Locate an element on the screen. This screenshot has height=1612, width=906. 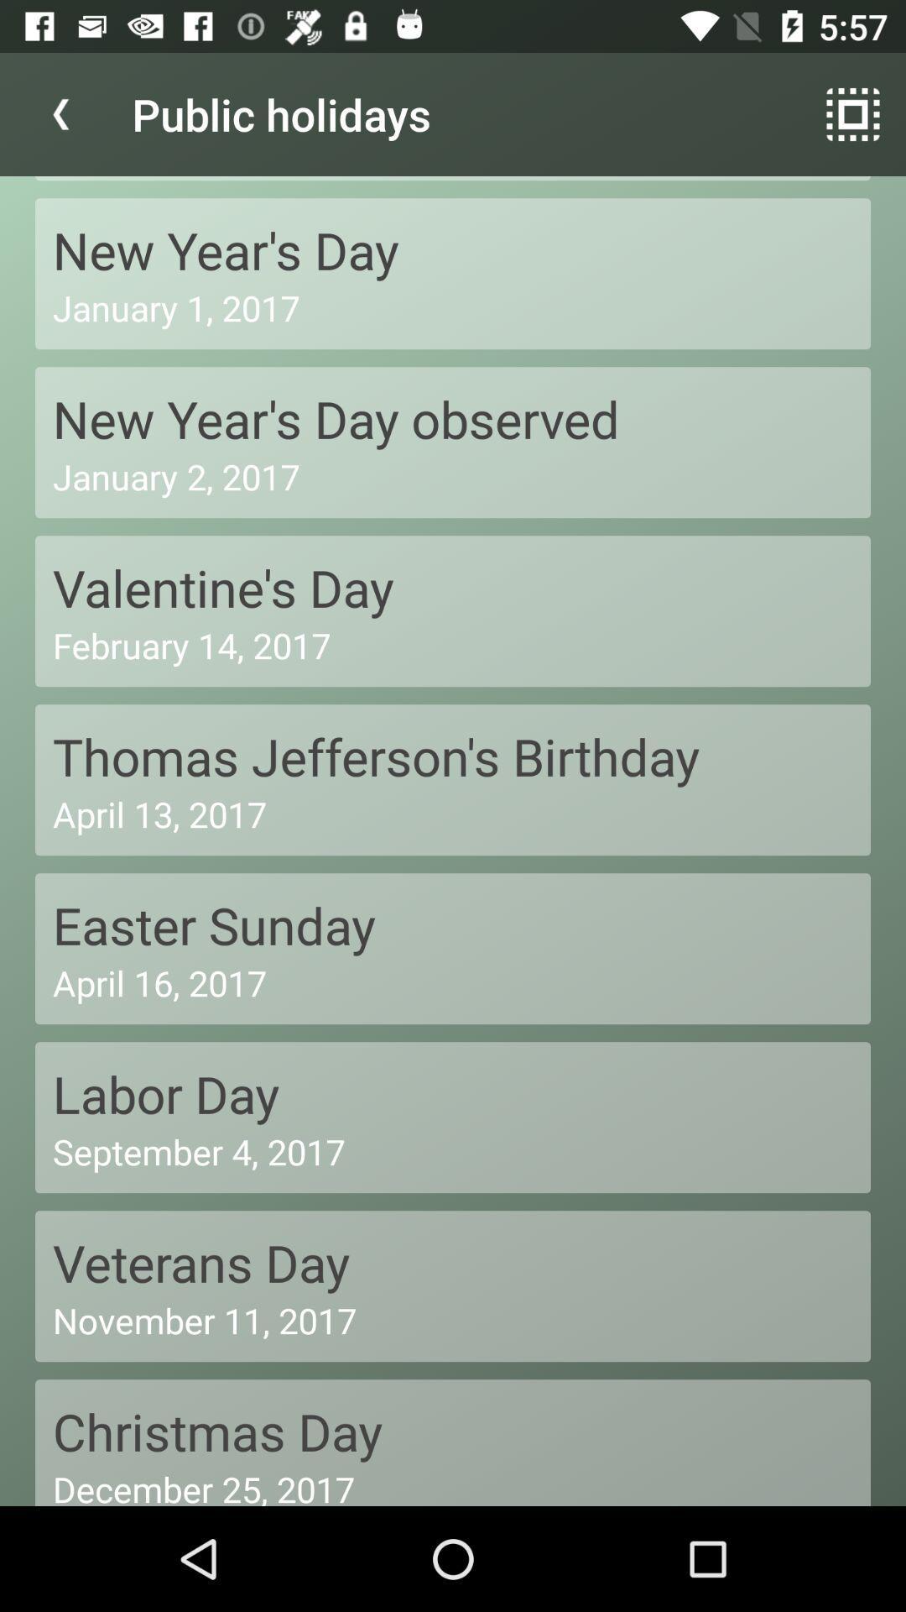
christmas day is located at coordinates (453, 1430).